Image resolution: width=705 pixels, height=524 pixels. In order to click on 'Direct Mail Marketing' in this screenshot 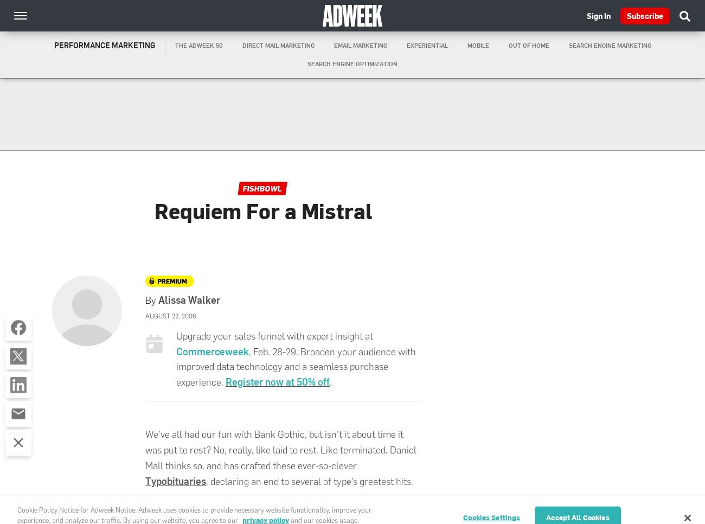, I will do `click(278, 44)`.